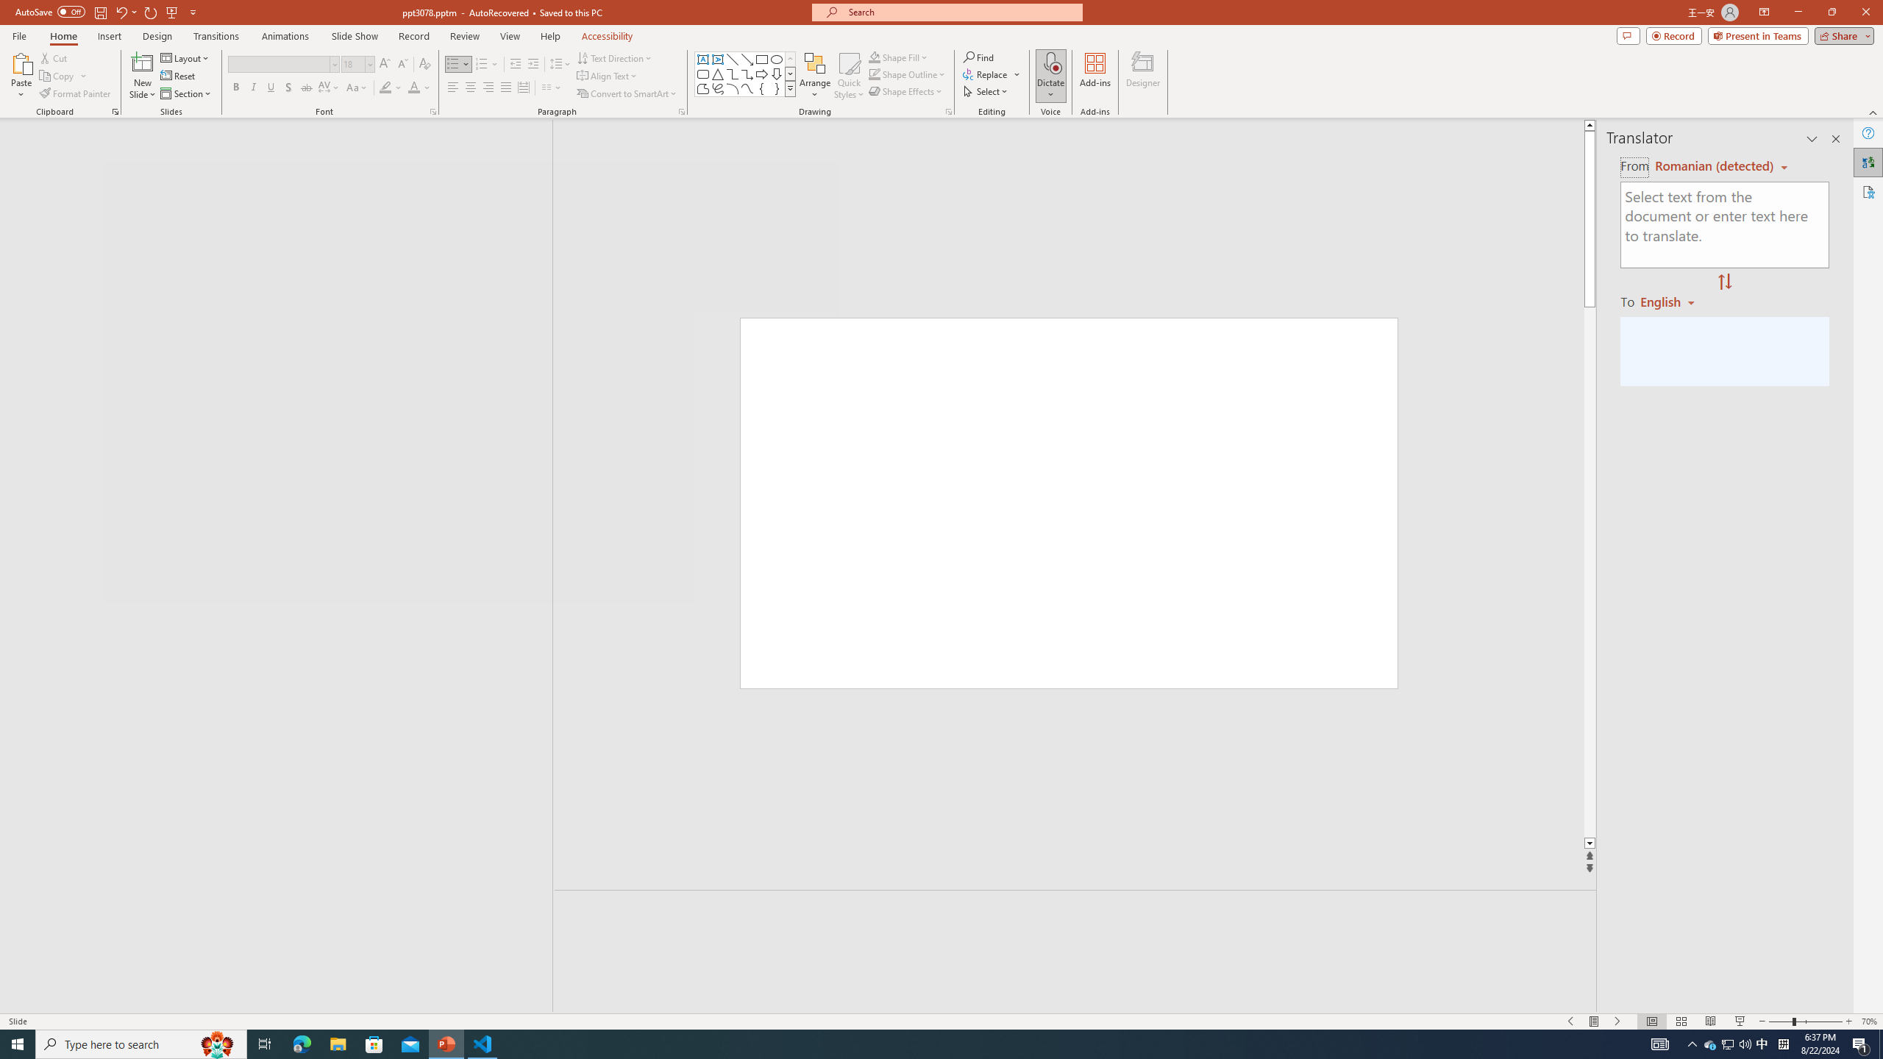 This screenshot has width=1883, height=1059. What do you see at coordinates (1712, 165) in the screenshot?
I see `'Romanian (detected)'` at bounding box center [1712, 165].